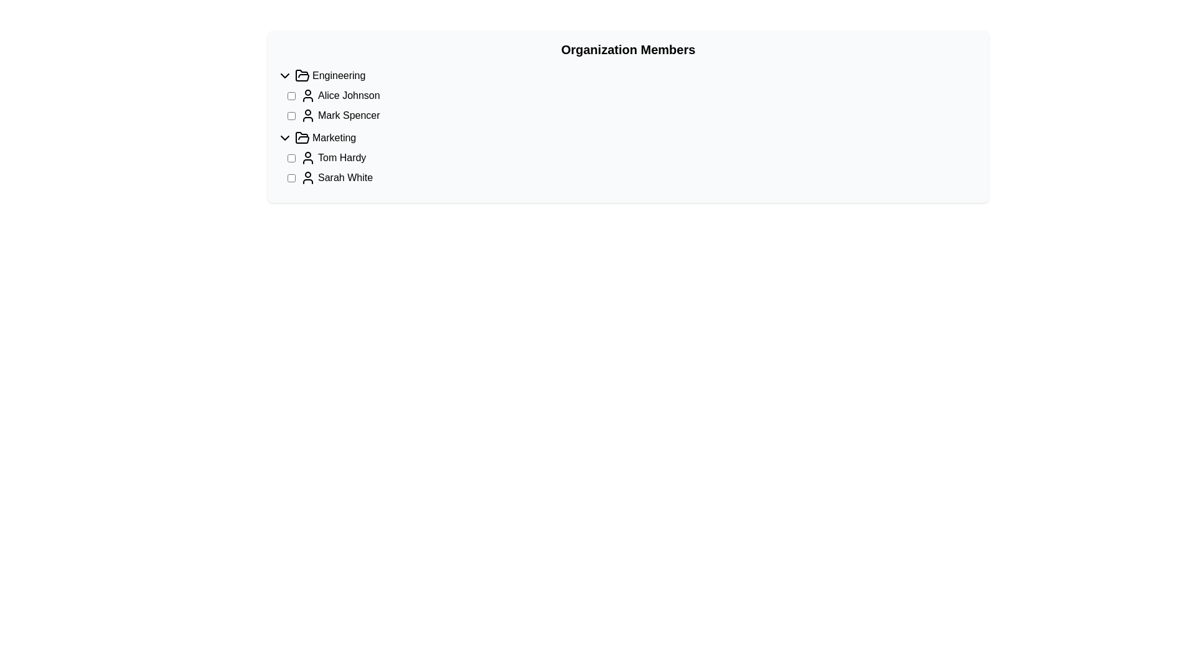 This screenshot has width=1195, height=672. I want to click on the 'Engineering' folder label with an icon, so click(330, 76).